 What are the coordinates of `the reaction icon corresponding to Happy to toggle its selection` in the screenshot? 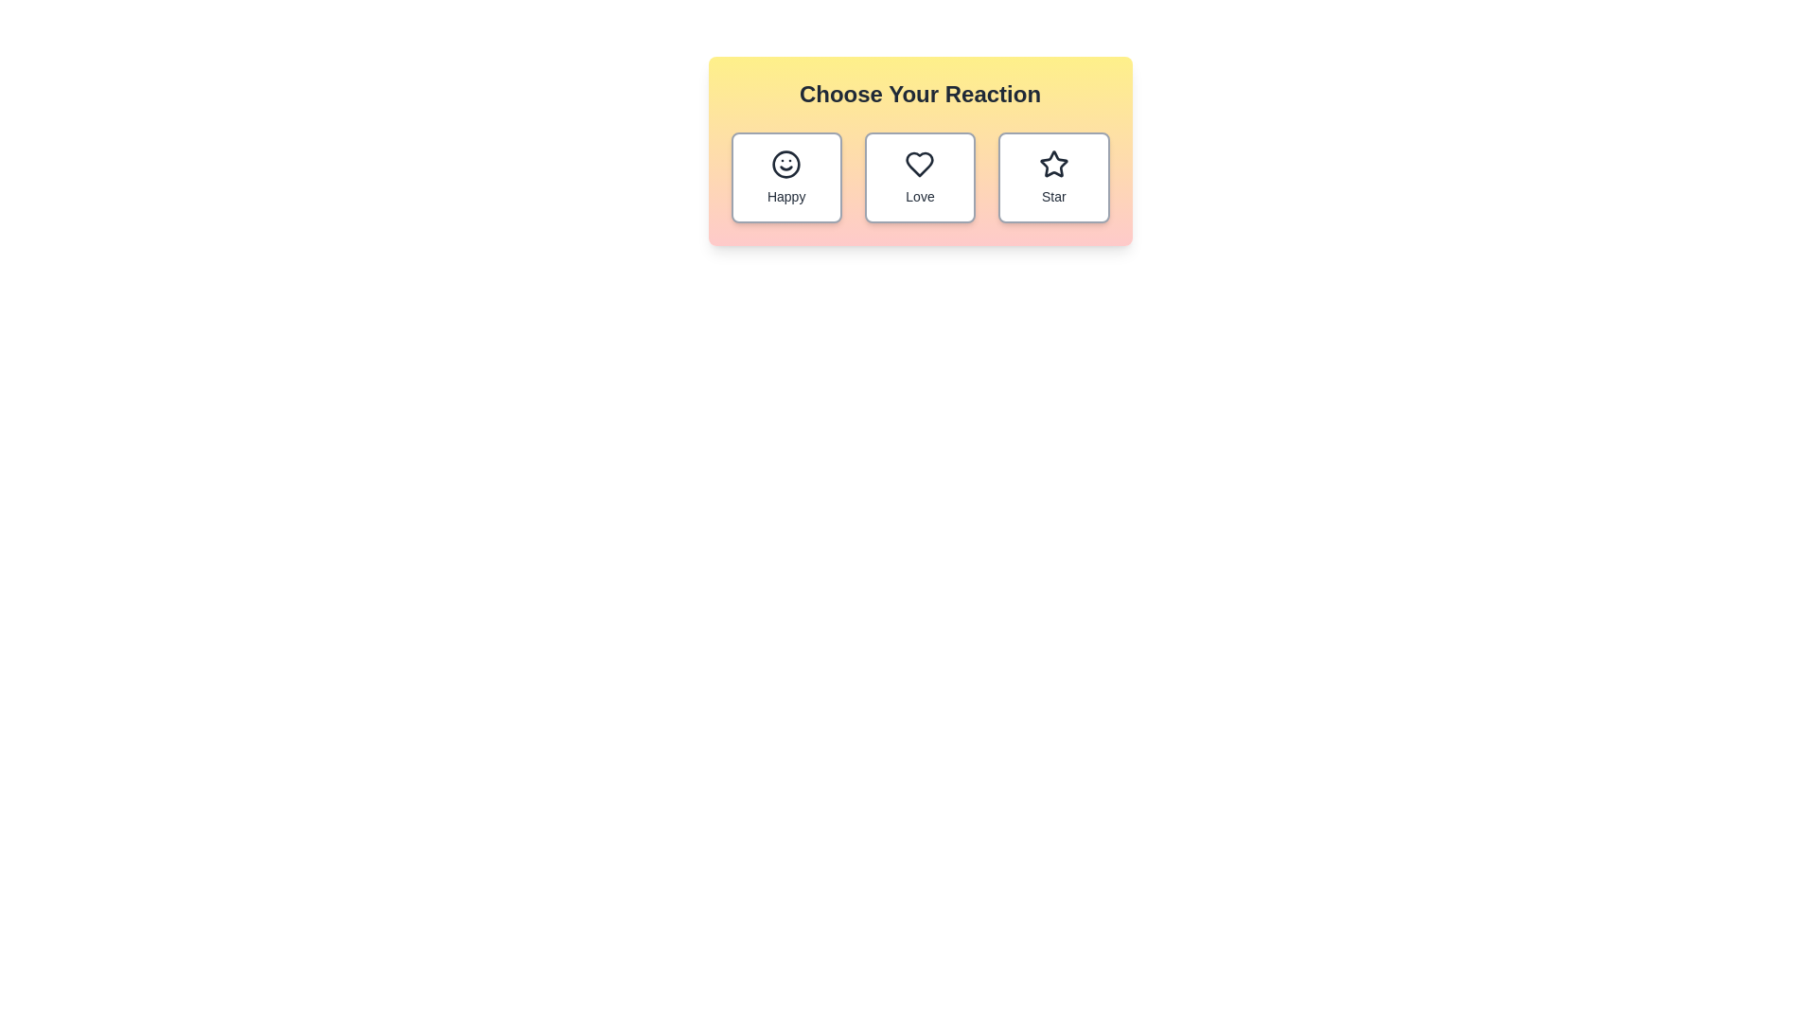 It's located at (785, 178).